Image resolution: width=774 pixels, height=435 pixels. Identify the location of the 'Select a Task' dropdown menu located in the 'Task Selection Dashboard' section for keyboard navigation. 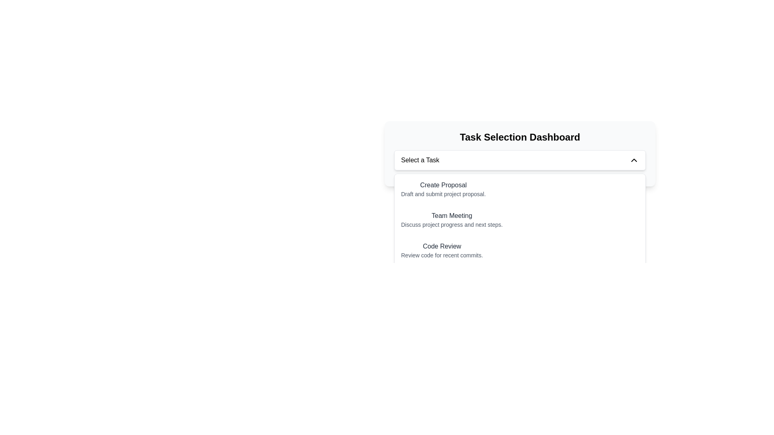
(520, 160).